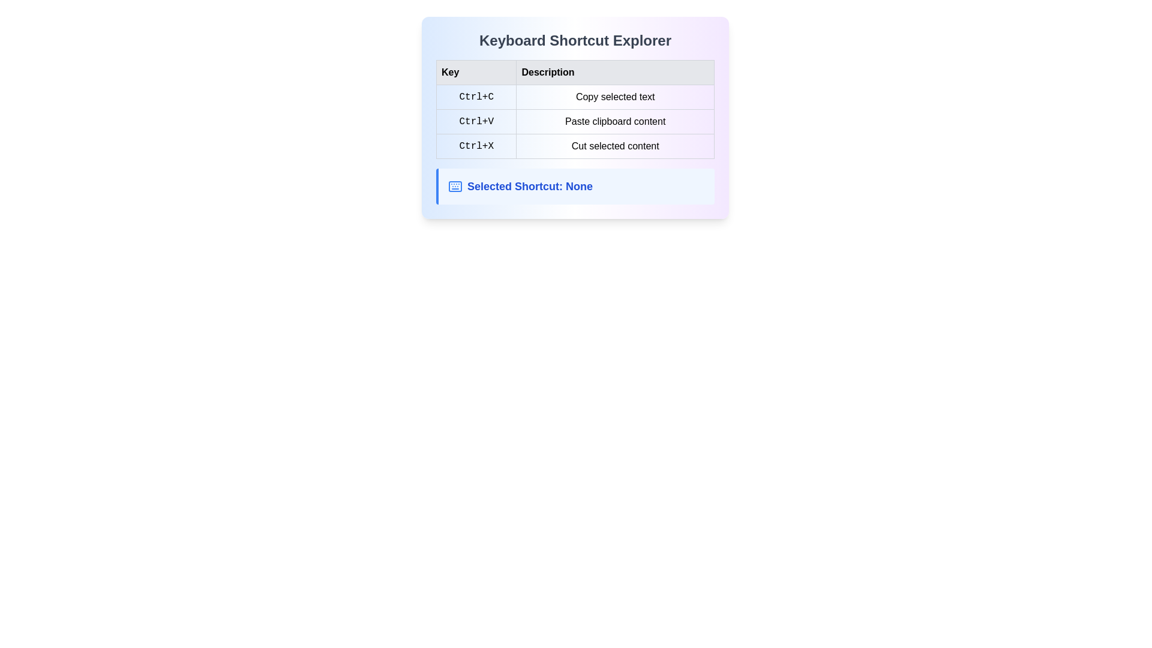  Describe the element at coordinates (615, 122) in the screenshot. I see `the text label displaying 'Paste clipboard content' which is located in the 'Description' column of the table, adjacent to the 'Ctrl+V' key in the 'Key' column` at that location.